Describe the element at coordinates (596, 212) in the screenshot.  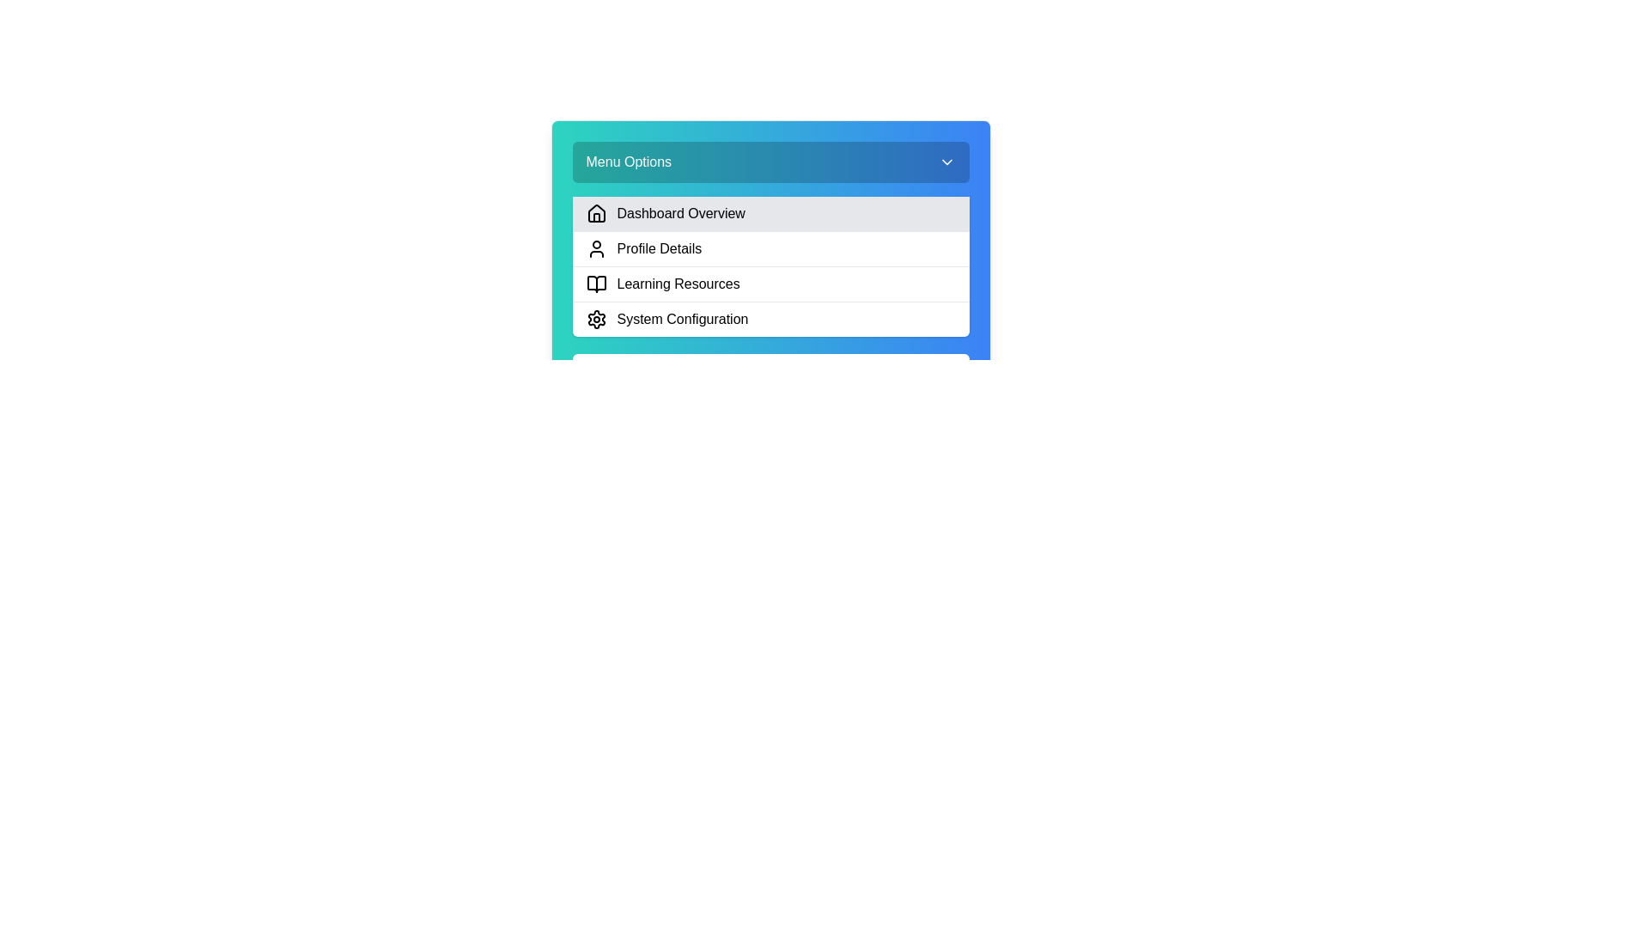
I see `the 'Dashboard Overview' icon located at the top-left section of the menu panel` at that location.